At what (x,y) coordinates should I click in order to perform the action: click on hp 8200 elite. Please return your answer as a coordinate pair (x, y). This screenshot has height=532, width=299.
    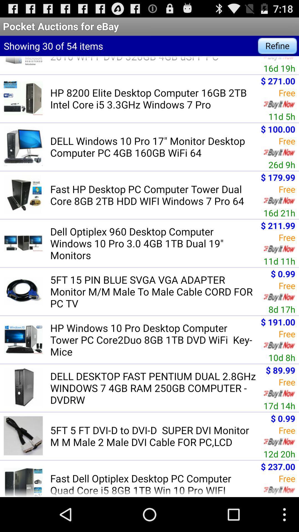
    Looking at the image, I should click on (154, 98).